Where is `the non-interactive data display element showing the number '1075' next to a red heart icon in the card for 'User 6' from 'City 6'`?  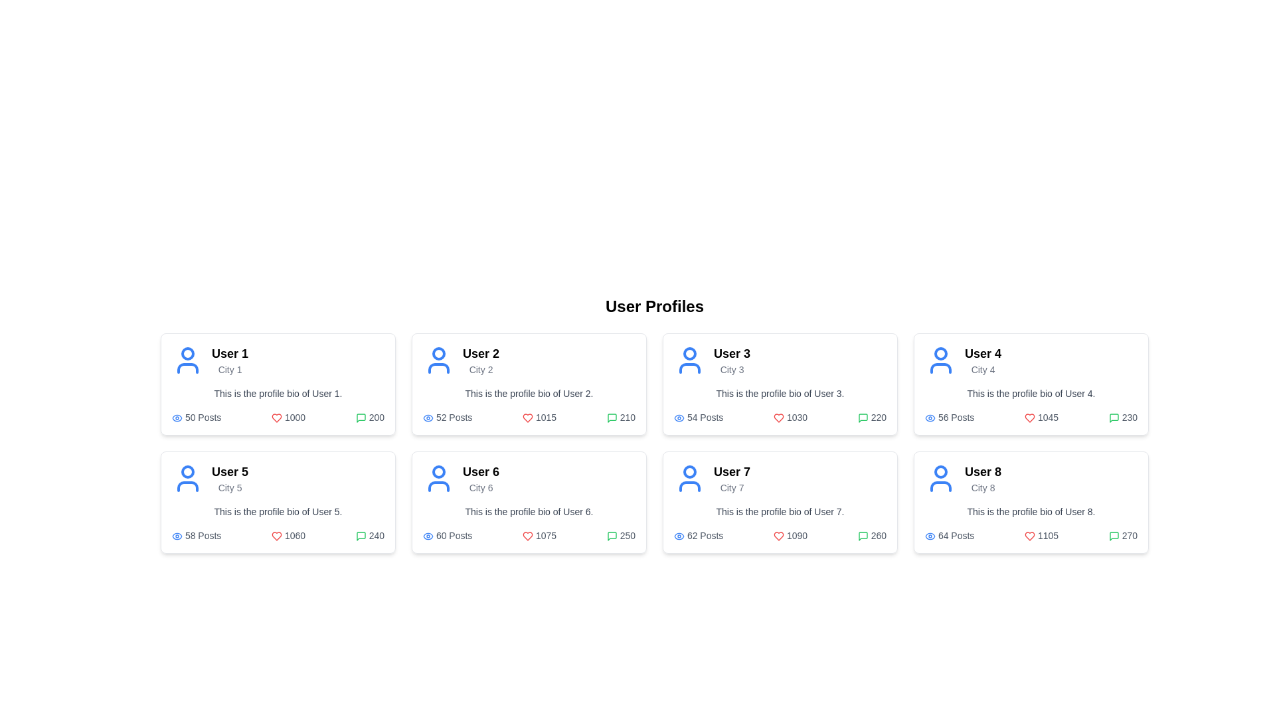 the non-interactive data display element showing the number '1075' next to a red heart icon in the card for 'User 6' from 'City 6' is located at coordinates (539, 534).